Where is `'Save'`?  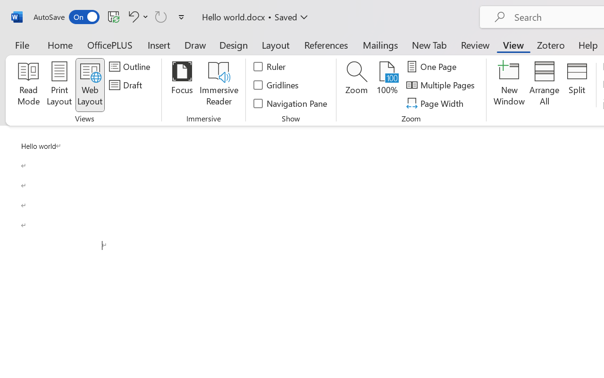
'Save' is located at coordinates (113, 16).